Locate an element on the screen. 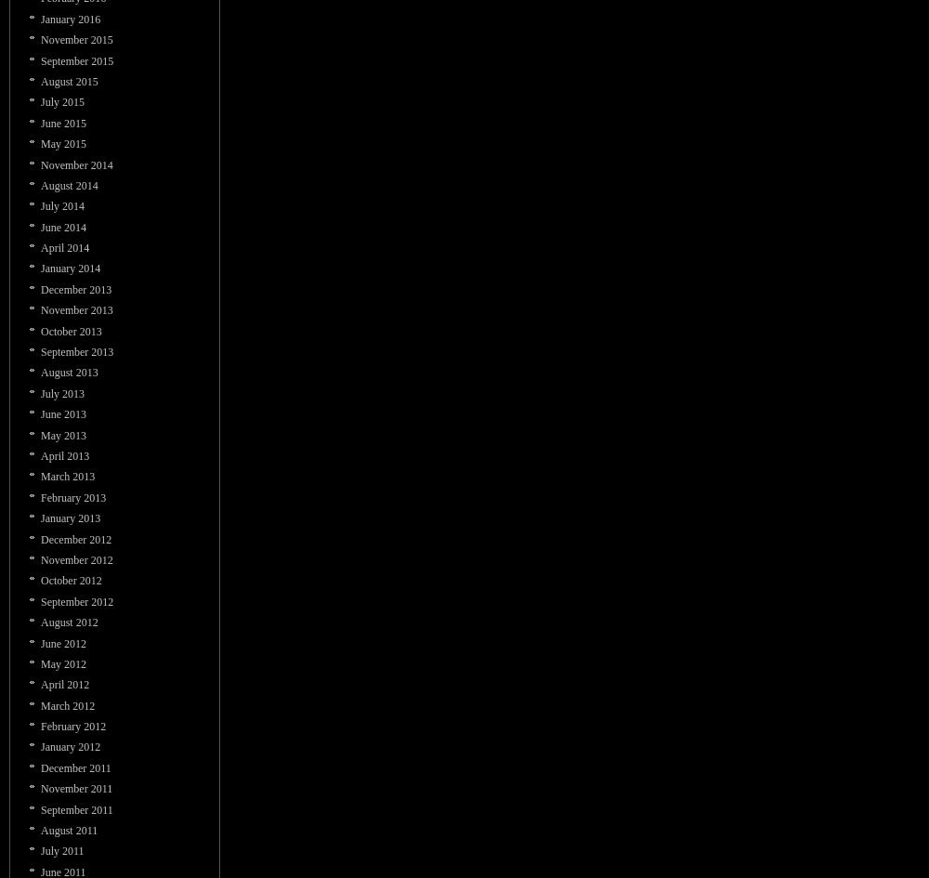 Image resolution: width=929 pixels, height=878 pixels. 'September 2011' is located at coordinates (75, 809).